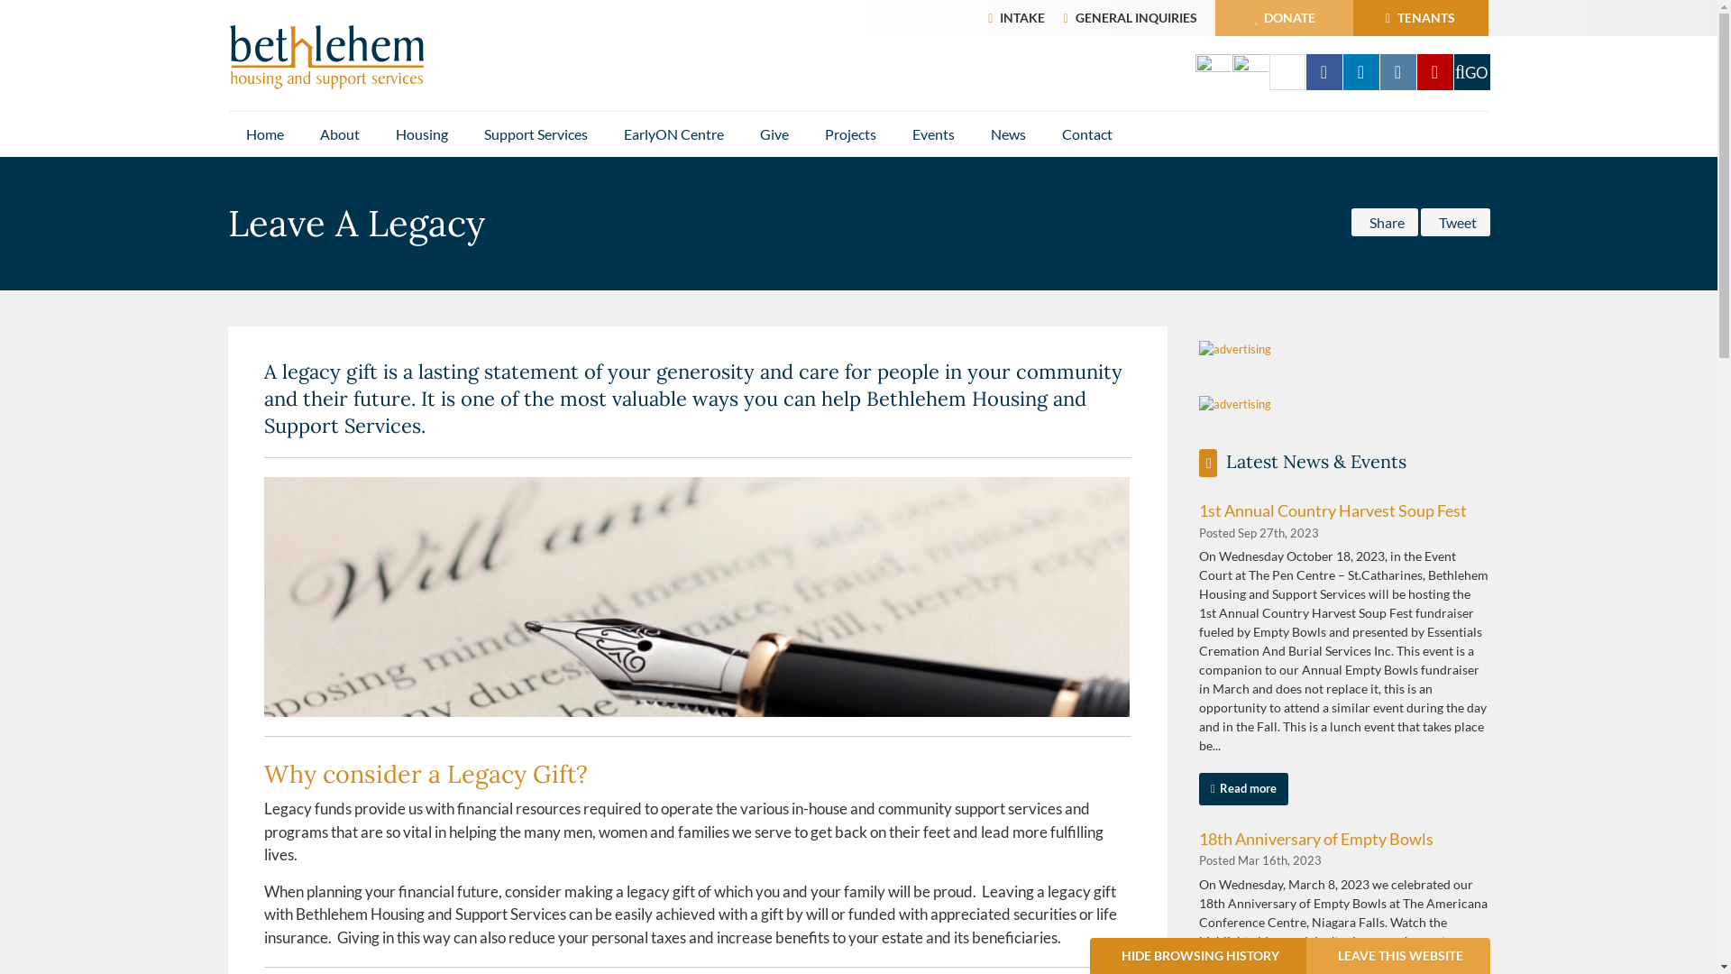 Image resolution: width=1731 pixels, height=974 pixels. I want to click on 'Twitter', so click(1268, 71).